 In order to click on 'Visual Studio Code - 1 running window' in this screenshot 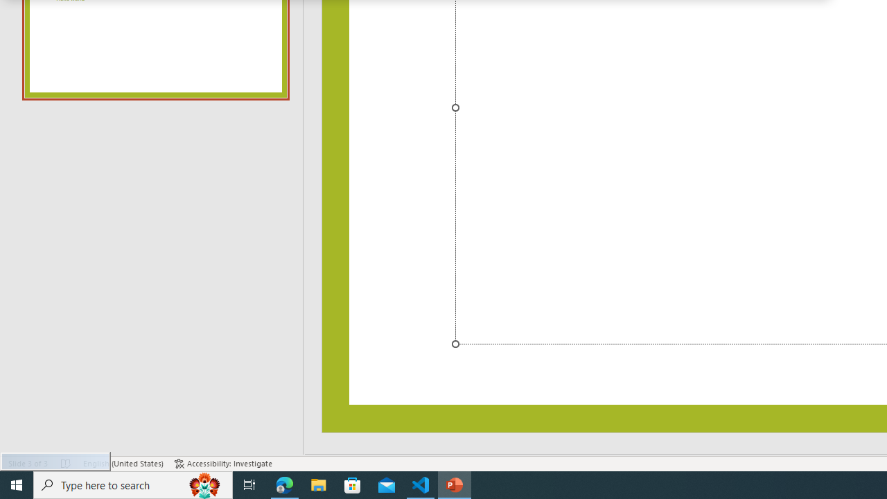, I will do `click(420, 484)`.